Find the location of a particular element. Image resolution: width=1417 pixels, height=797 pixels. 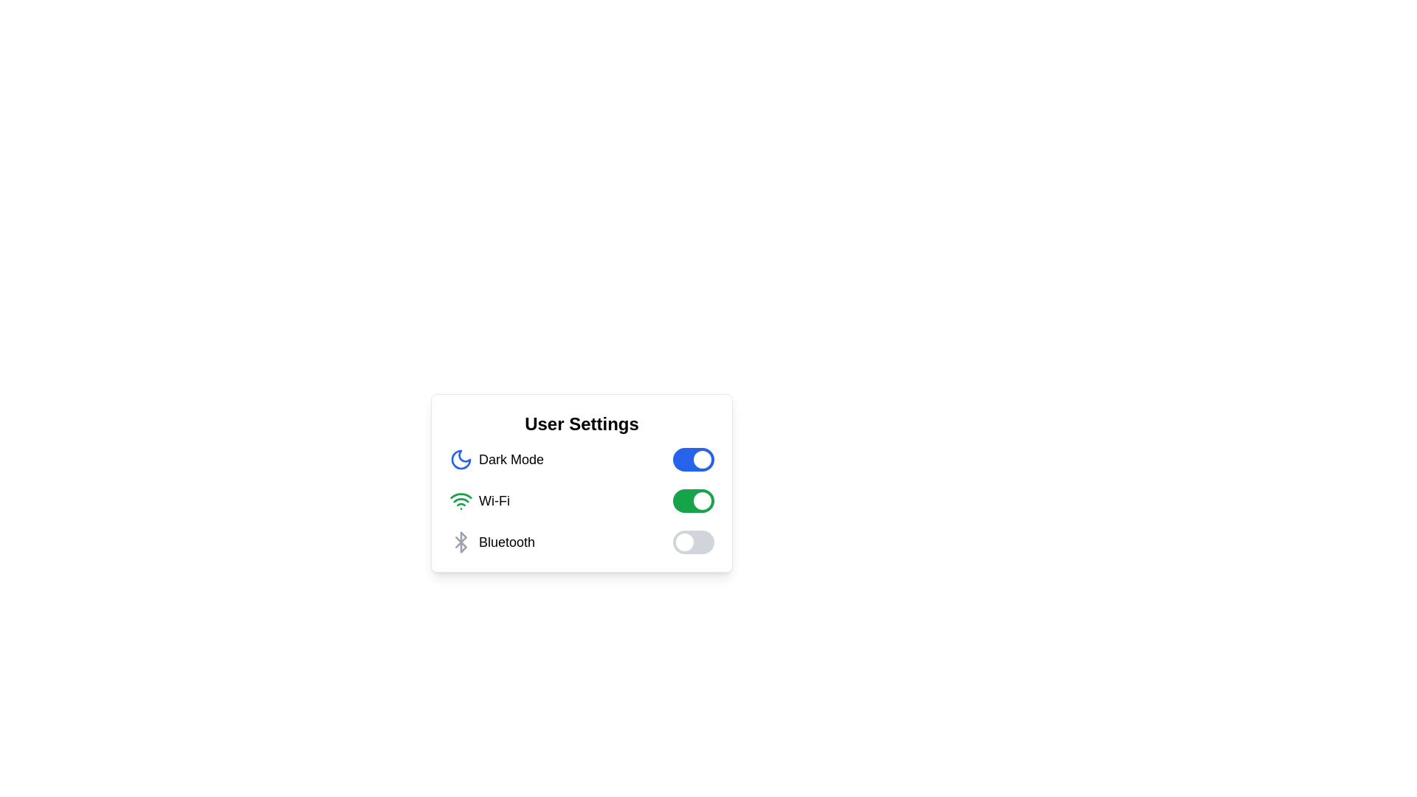

the text label that describes the dark mode toggle switch in the User Settings panel, located to the right of the moon icon and to the left of the blue toggle switch is located at coordinates (511, 459).